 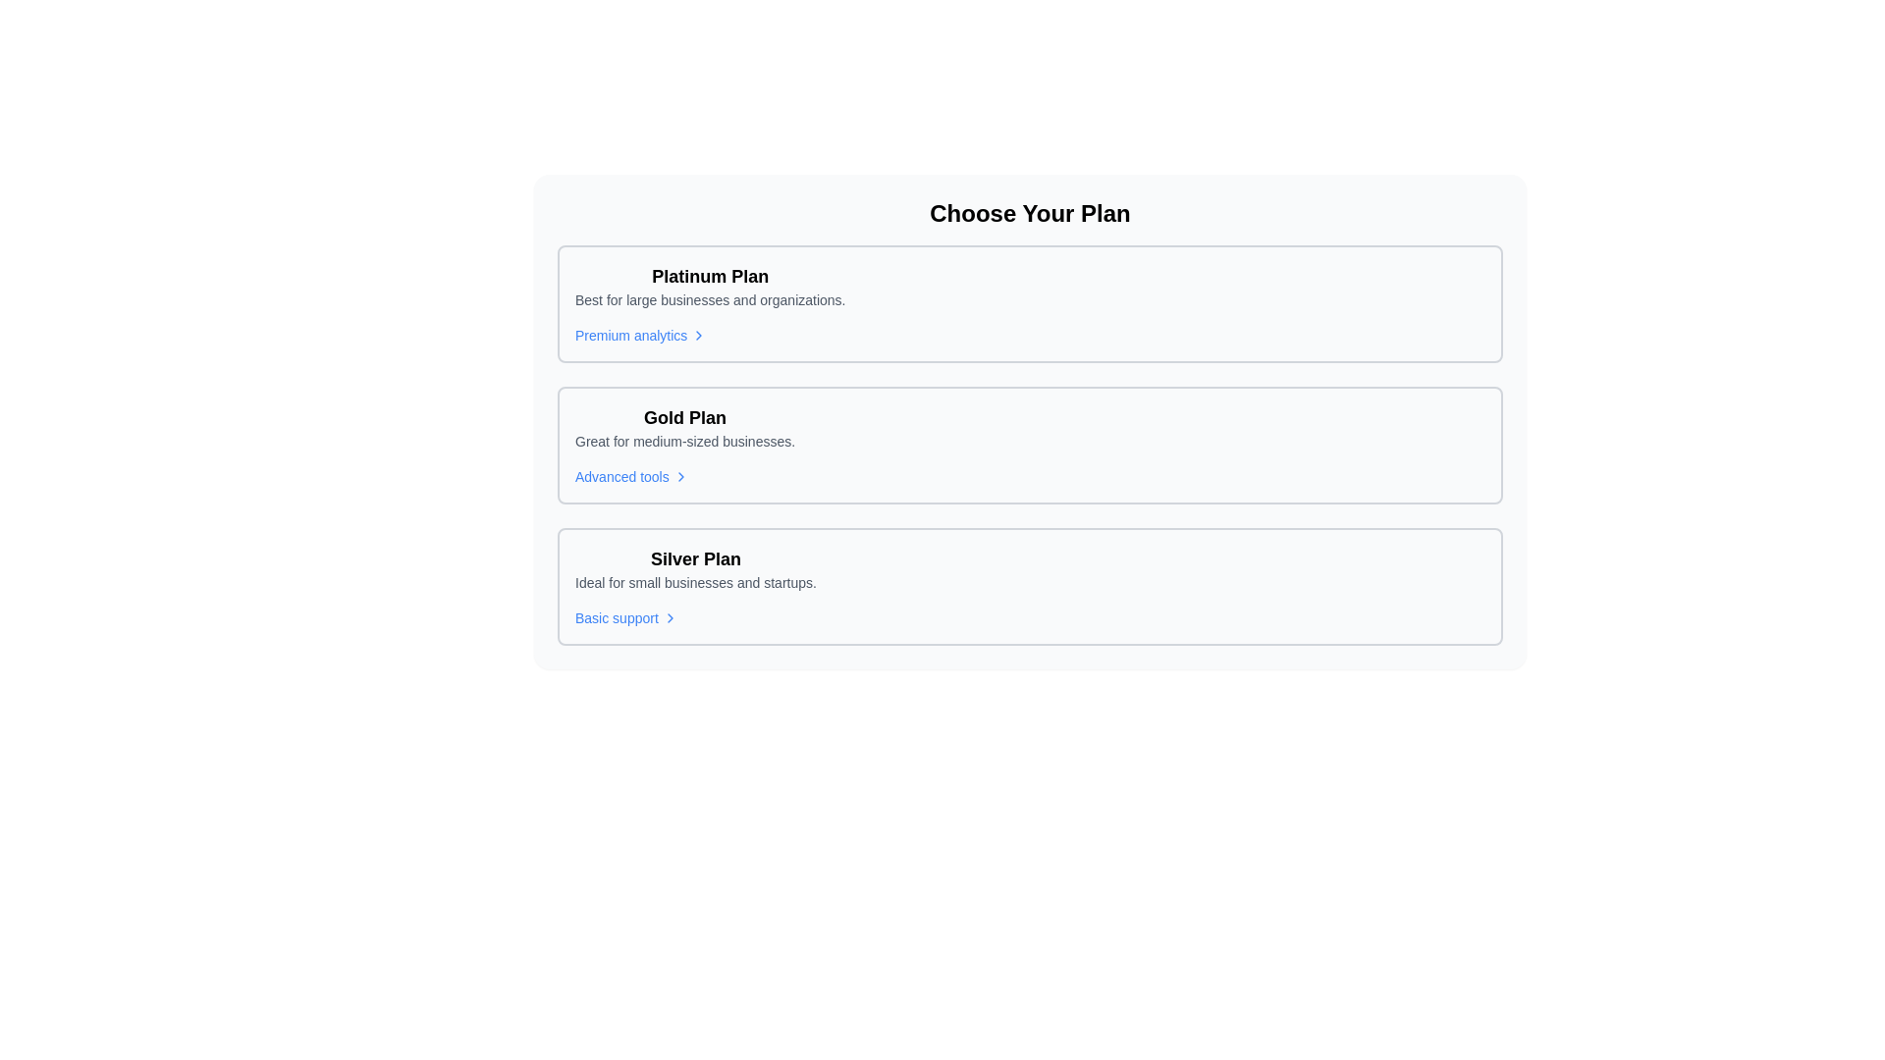 I want to click on the text label 'Silver Plan', which is styled in bold font and indicates its importance in the pricing or subscription plan interface, located in the center of the bottom pricing option, so click(x=695, y=559).